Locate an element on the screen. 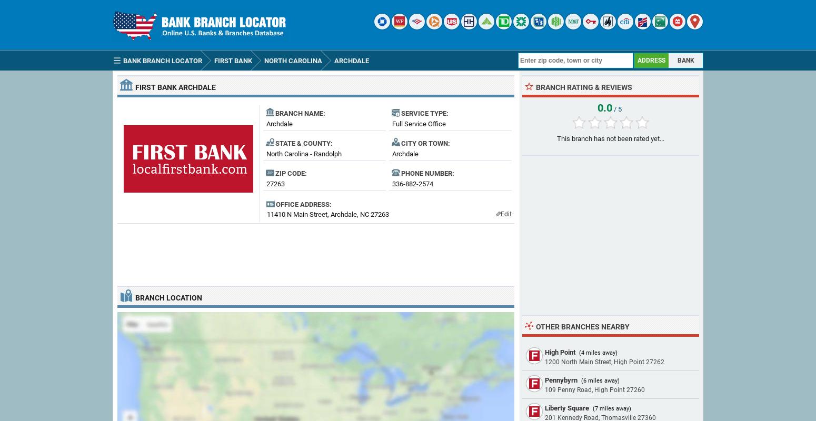 This screenshot has height=421, width=816. '(7 miles away)' is located at coordinates (610, 408).